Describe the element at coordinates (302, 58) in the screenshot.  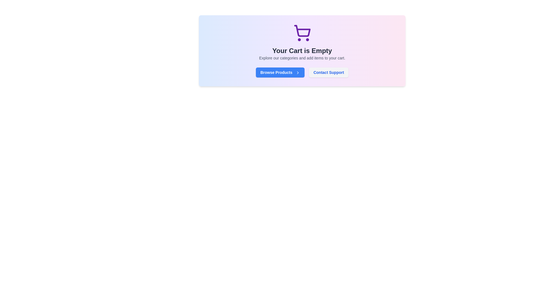
I see `the static text displaying 'Explore our categories and add items to your cart.' which is located beneath the heading 'Your Cart is Empty'` at that location.